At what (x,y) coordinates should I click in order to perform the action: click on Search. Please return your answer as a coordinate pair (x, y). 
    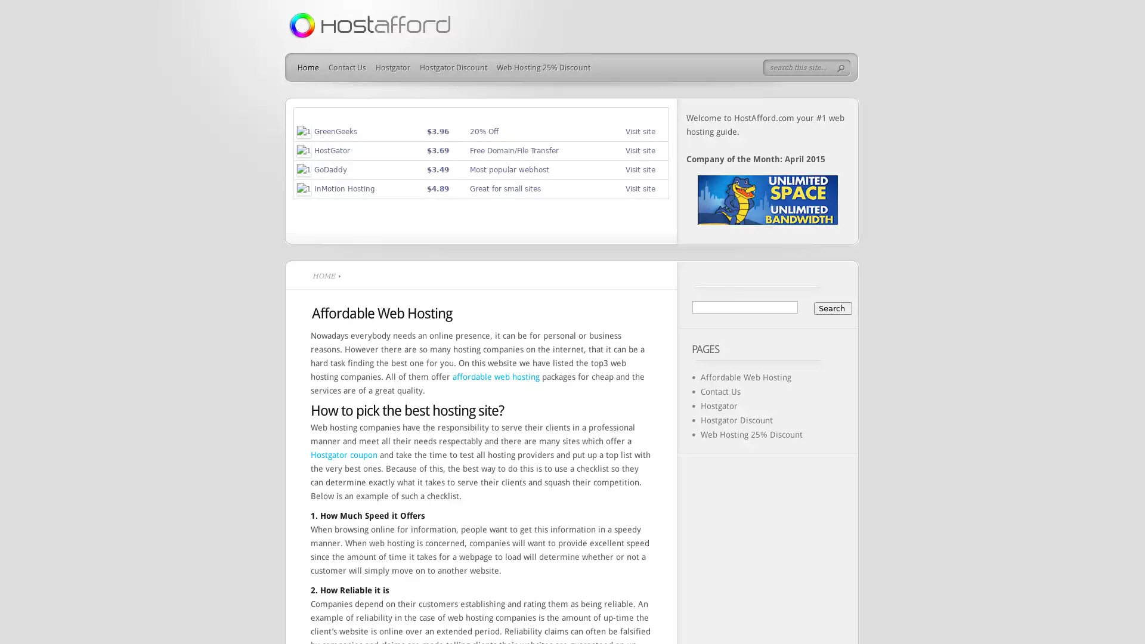
    Looking at the image, I should click on (832, 308).